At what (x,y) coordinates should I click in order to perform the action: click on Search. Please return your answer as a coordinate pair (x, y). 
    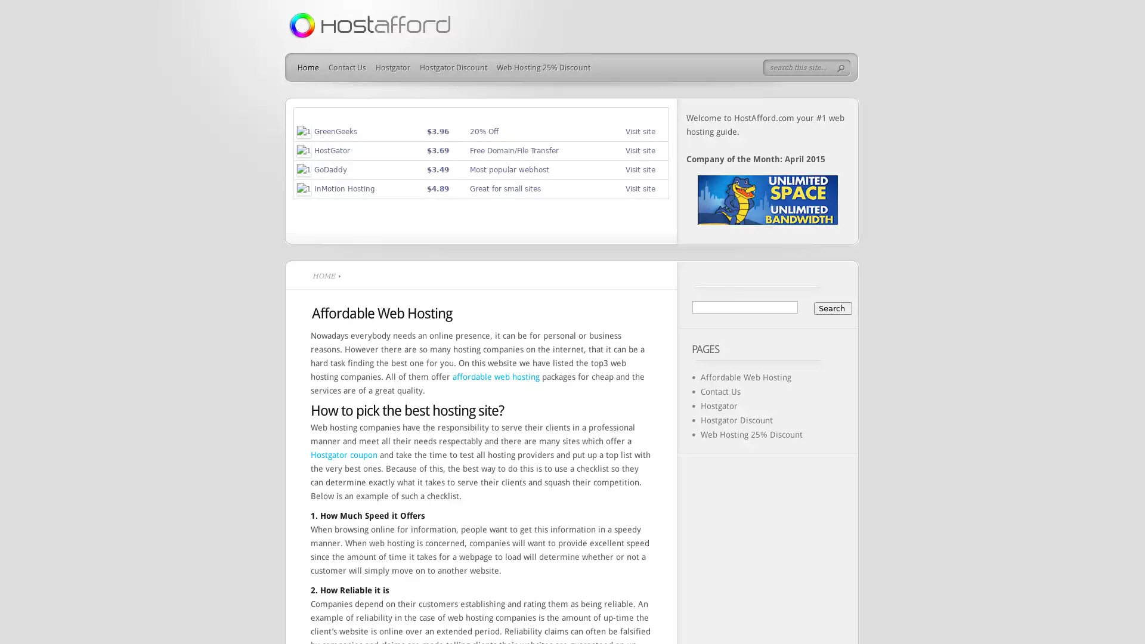
    Looking at the image, I should click on (832, 308).